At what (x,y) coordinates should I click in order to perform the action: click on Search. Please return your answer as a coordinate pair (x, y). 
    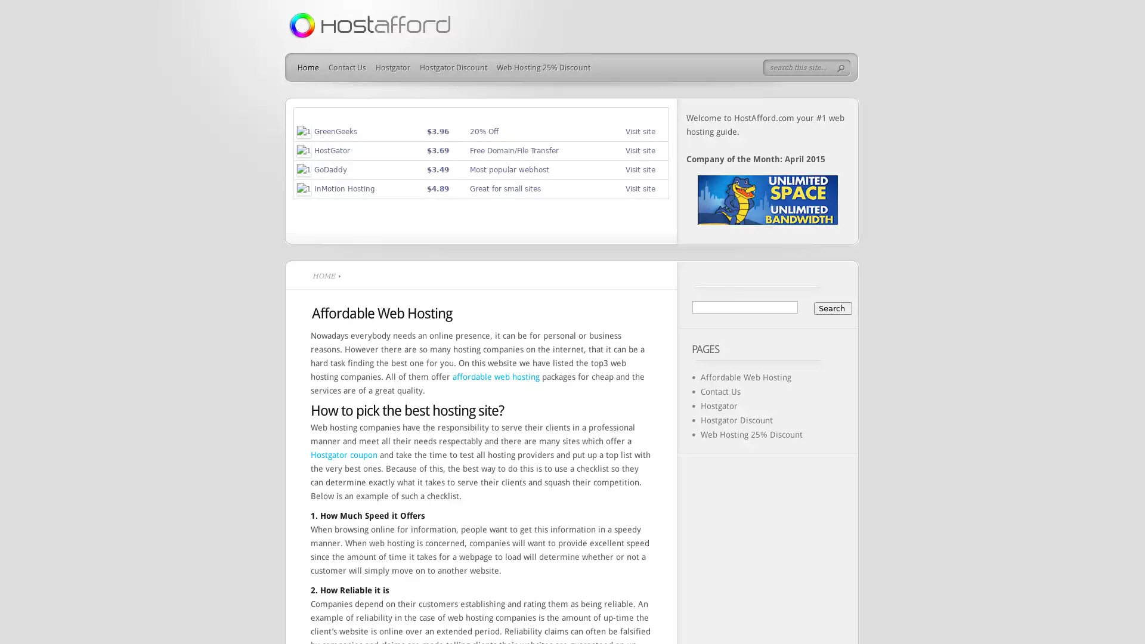
    Looking at the image, I should click on (832, 308).